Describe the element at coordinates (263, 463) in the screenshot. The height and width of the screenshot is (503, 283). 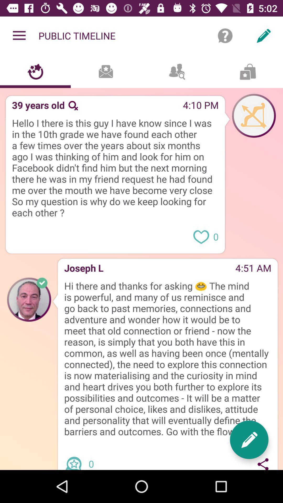
I see `share` at that location.